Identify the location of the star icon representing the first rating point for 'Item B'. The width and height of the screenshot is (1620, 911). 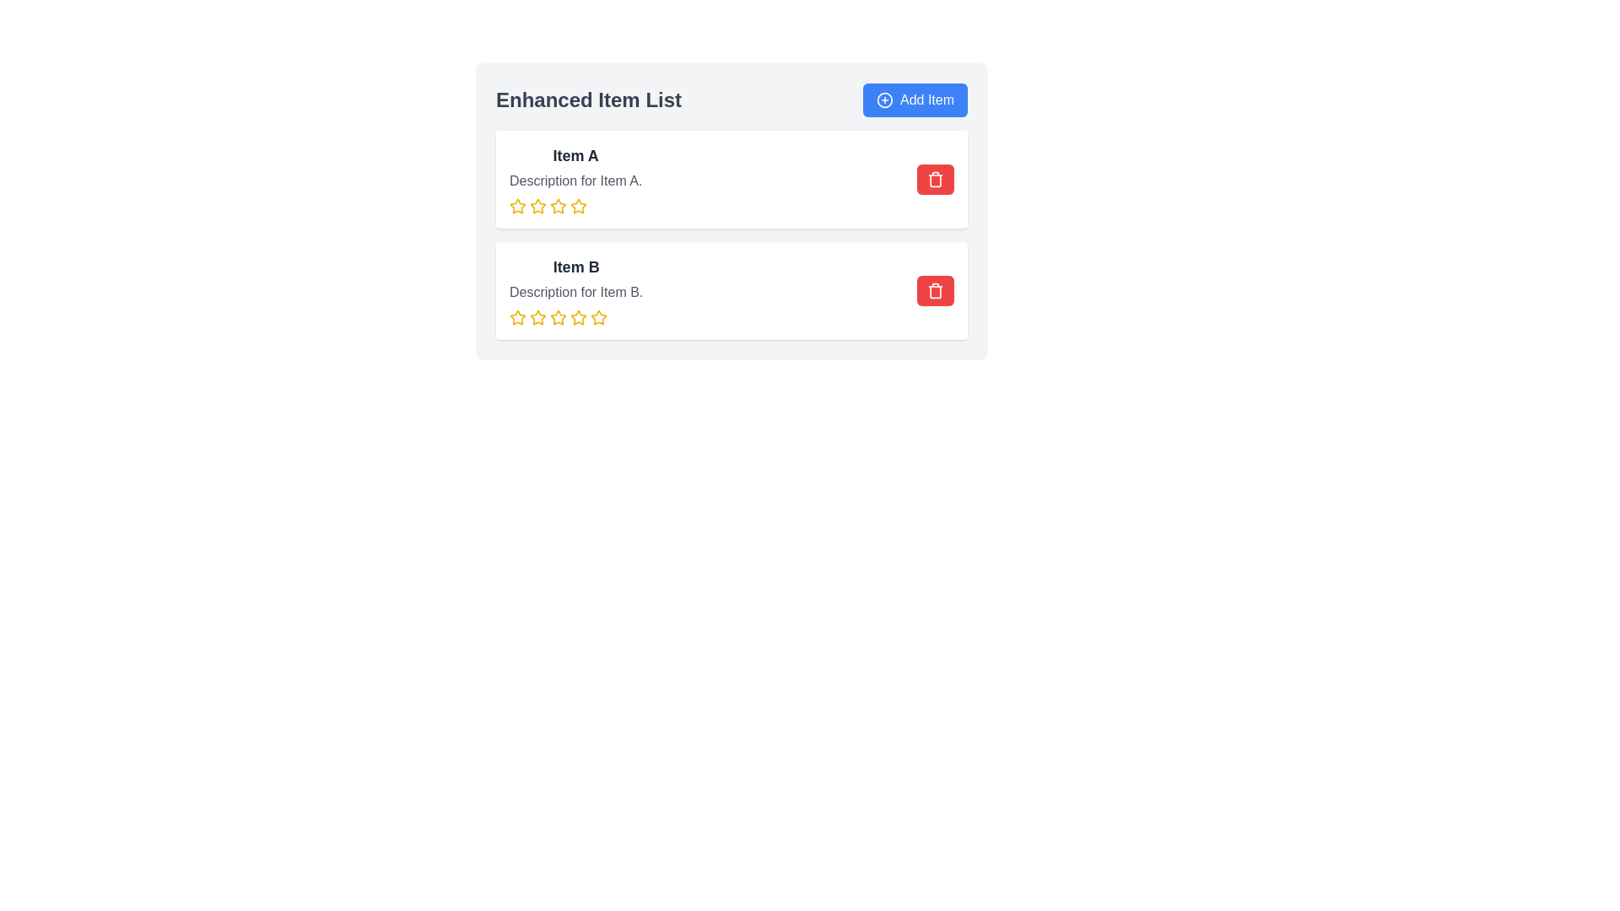
(517, 318).